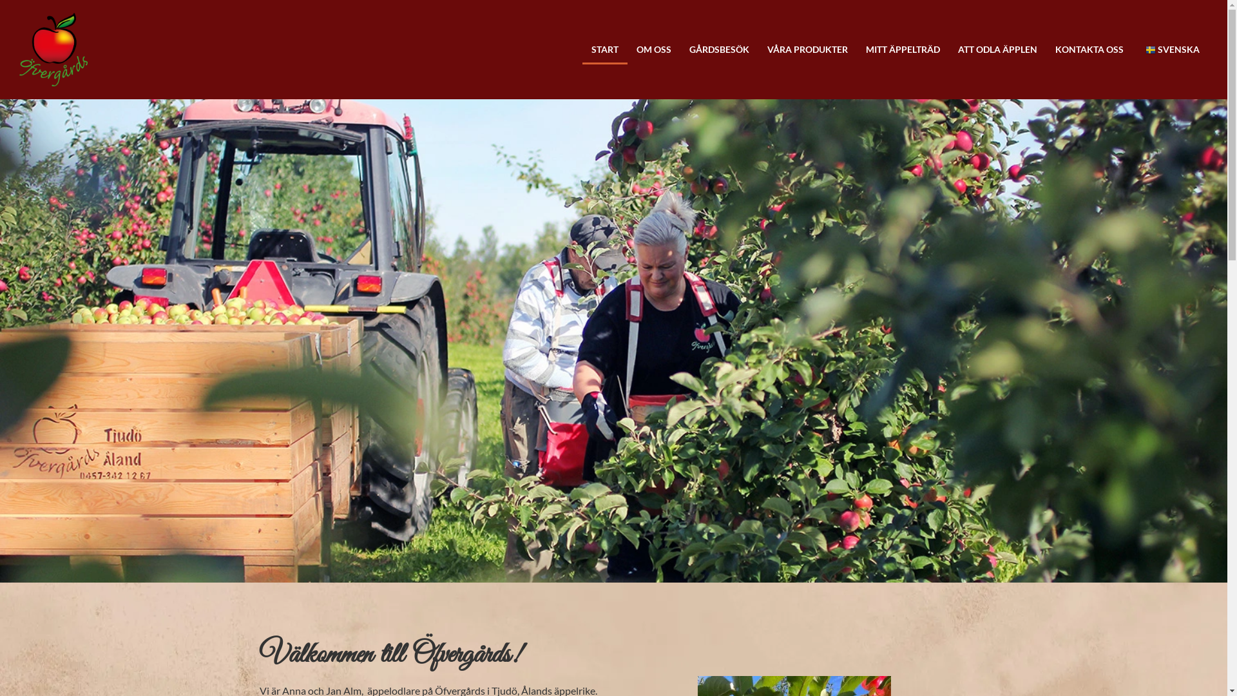 This screenshot has height=696, width=1237. What do you see at coordinates (628, 49) in the screenshot?
I see `'OM OSS'` at bounding box center [628, 49].